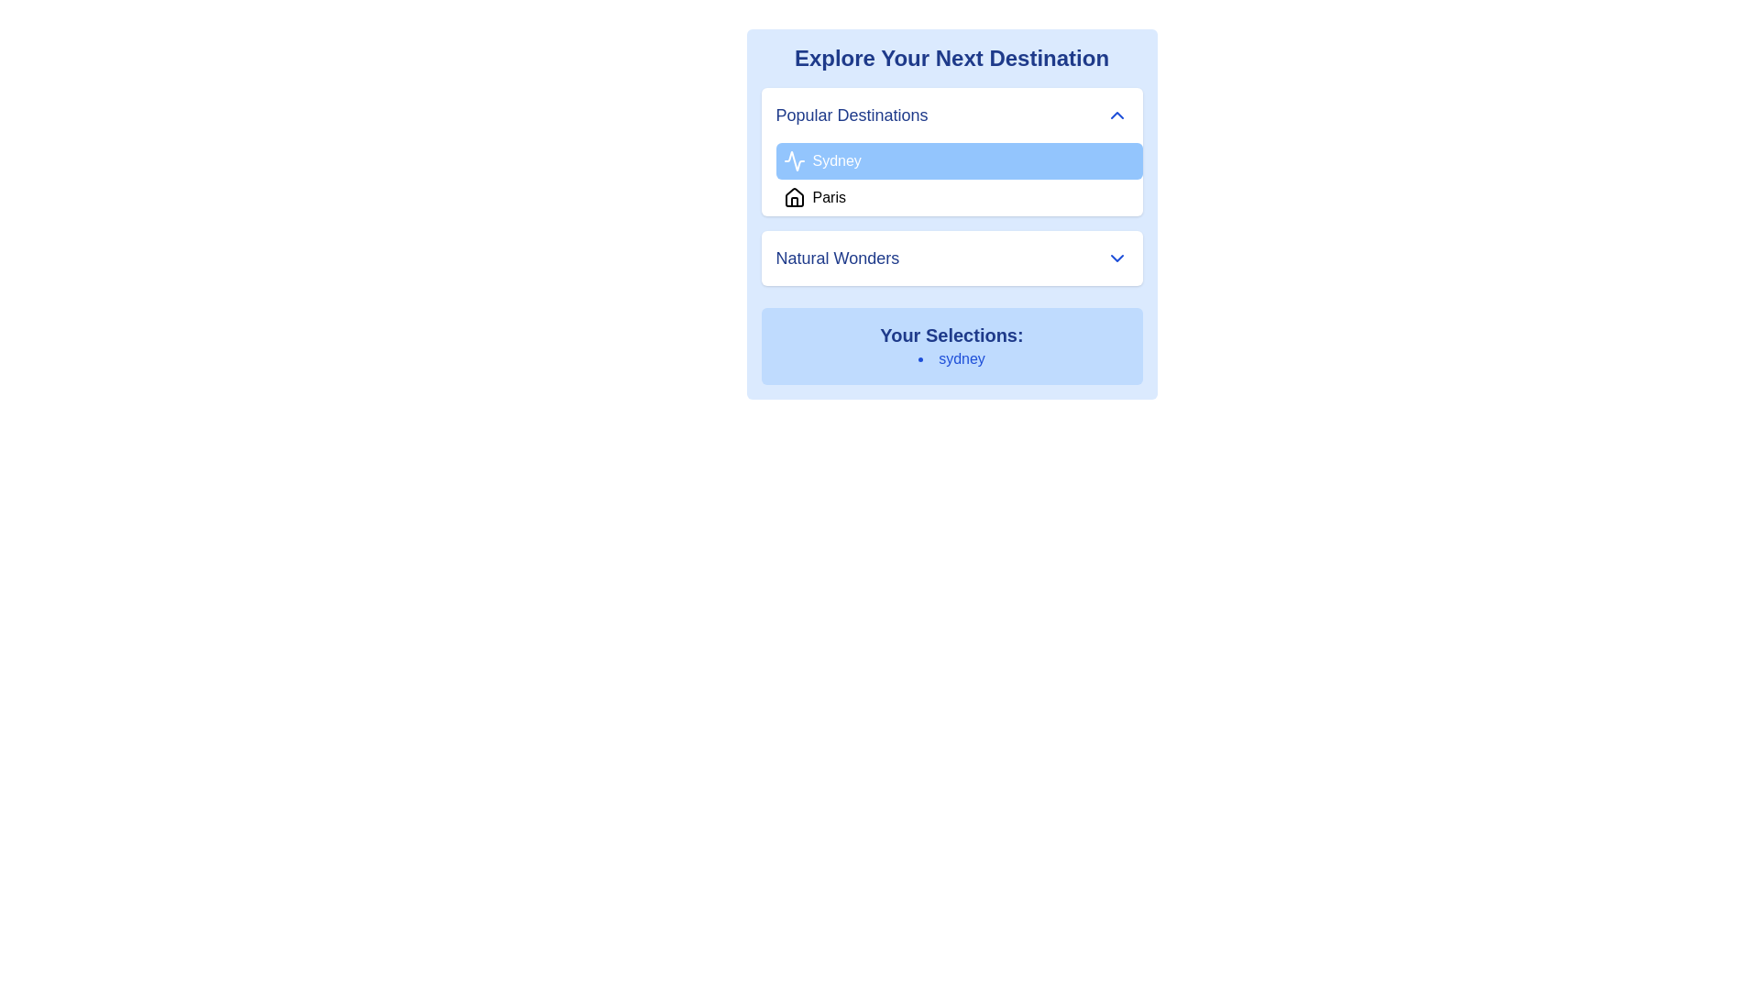 The height and width of the screenshot is (990, 1760). Describe the element at coordinates (1116, 258) in the screenshot. I see `the blue downward-pointing chevron icon` at that location.